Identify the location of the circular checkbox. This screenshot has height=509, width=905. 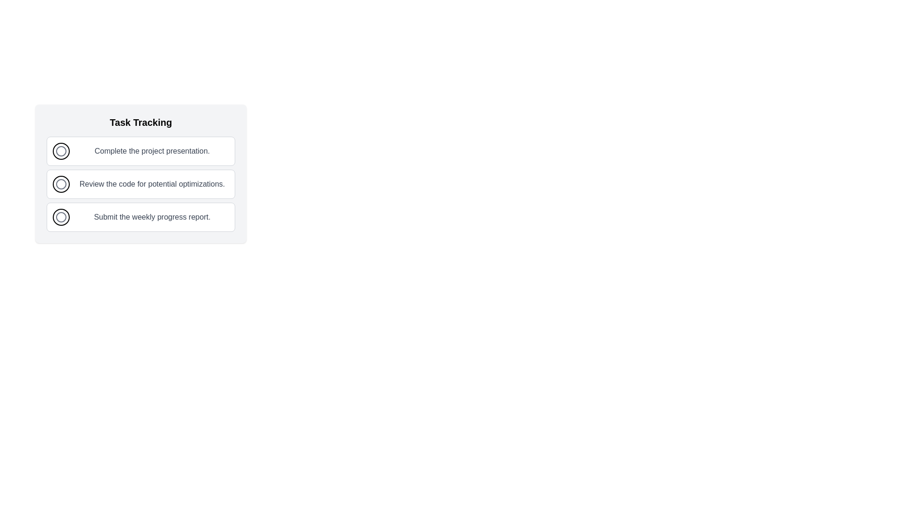
(60, 217).